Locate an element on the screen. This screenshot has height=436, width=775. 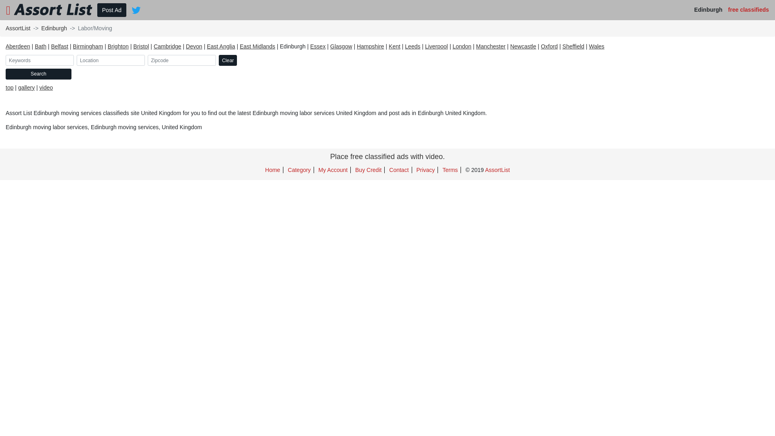
'Terms' is located at coordinates (442, 169).